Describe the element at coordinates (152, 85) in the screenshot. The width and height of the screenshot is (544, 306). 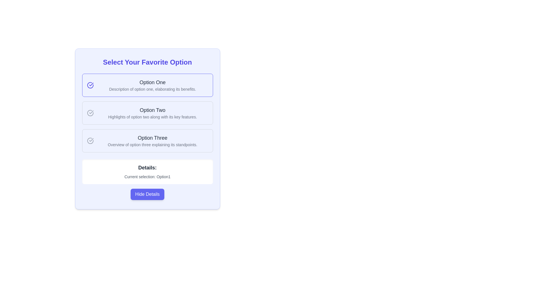
I see `the 'Option One' radio button` at that location.